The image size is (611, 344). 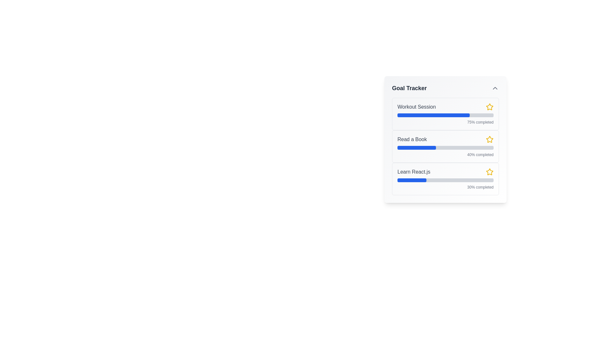 I want to click on the narrow rectangular progress bar below the 'Read a Book' section, which is styled with rounded corners and indicates 40% progress, so click(x=445, y=147).